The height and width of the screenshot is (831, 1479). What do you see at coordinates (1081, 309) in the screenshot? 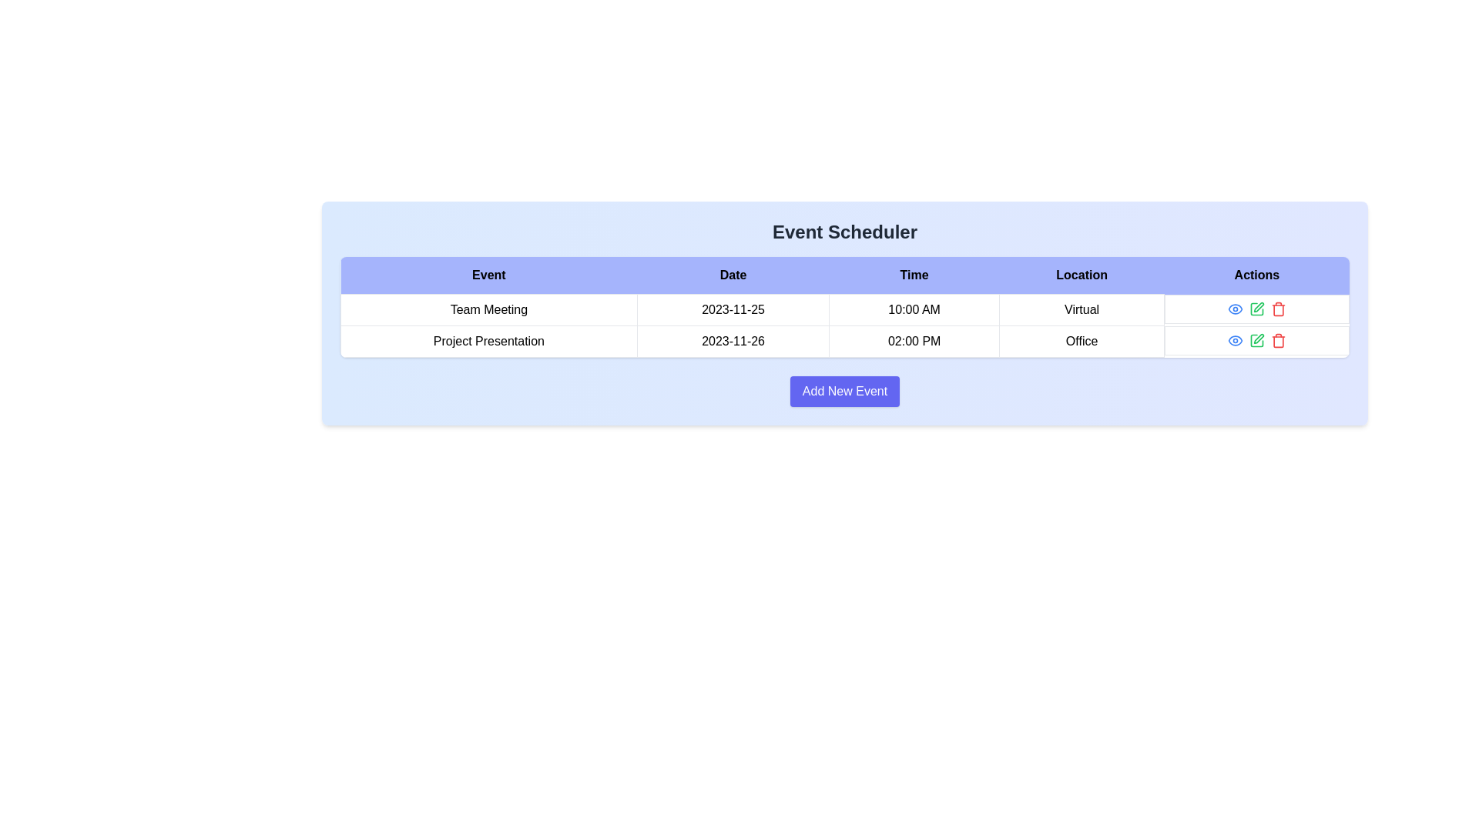
I see `the Static Text Label that indicates the virtual location of the event 'Team Meeting' in the 'Location' column of the table` at bounding box center [1081, 309].